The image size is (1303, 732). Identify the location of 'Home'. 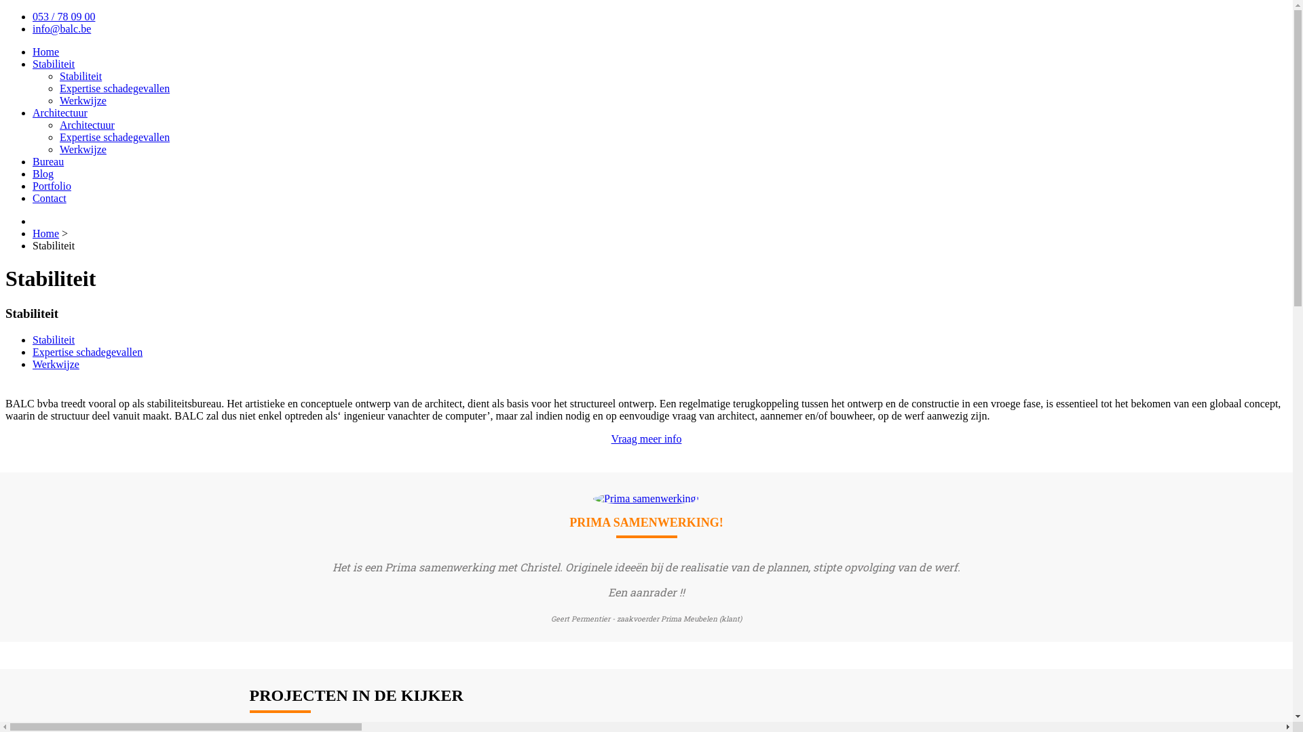
(45, 232).